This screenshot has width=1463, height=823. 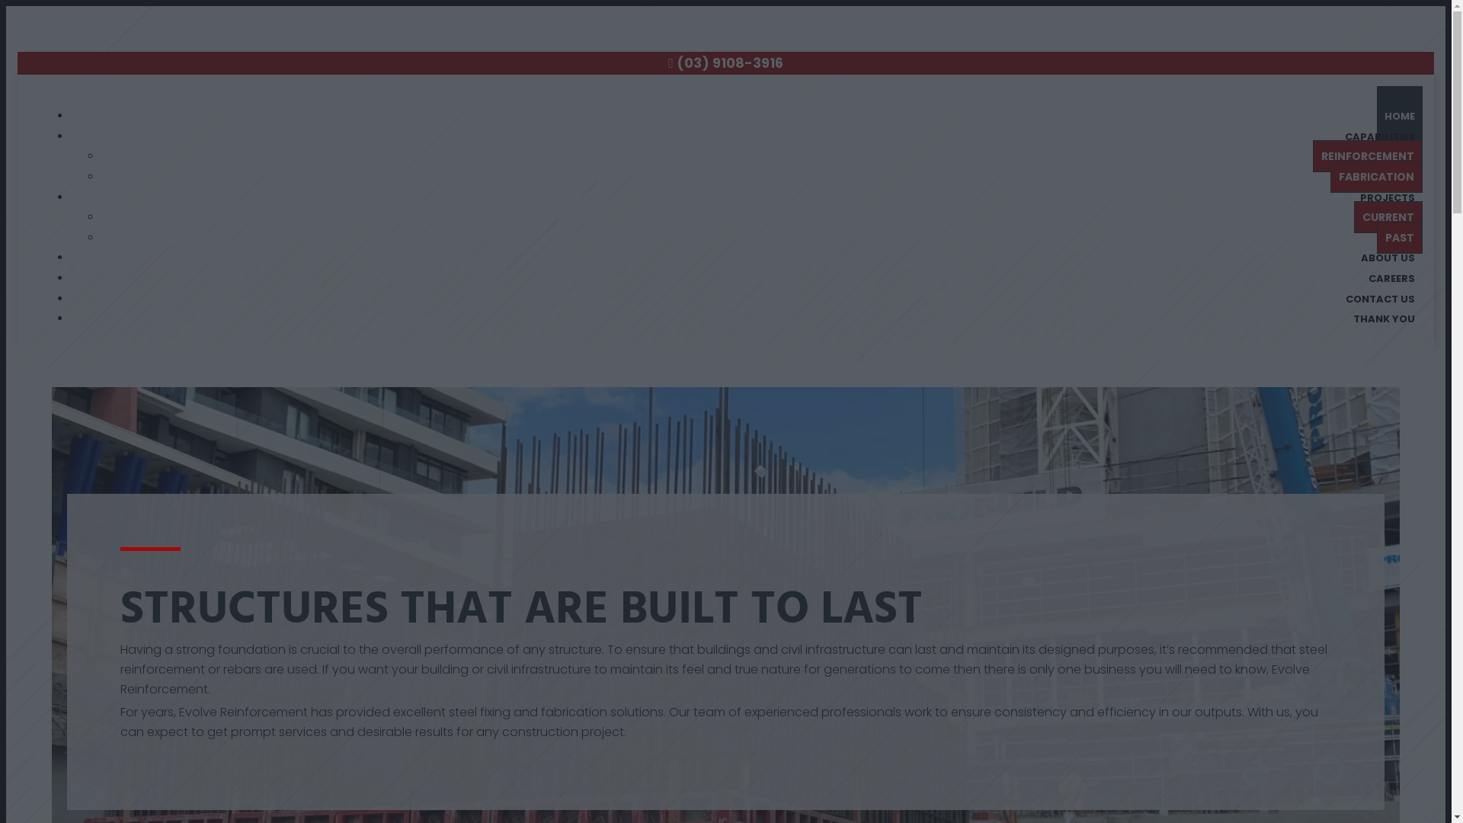 I want to click on 'CURRENT', so click(x=1388, y=217).